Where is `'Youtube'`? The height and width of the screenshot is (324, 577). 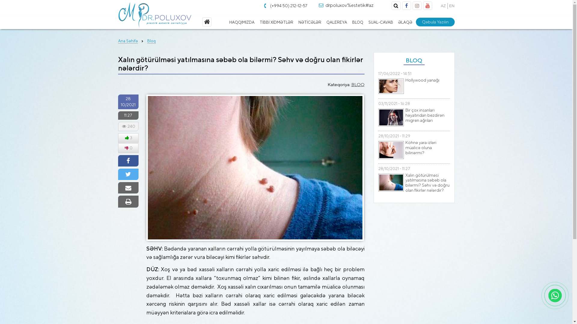 'Youtube' is located at coordinates (427, 6).